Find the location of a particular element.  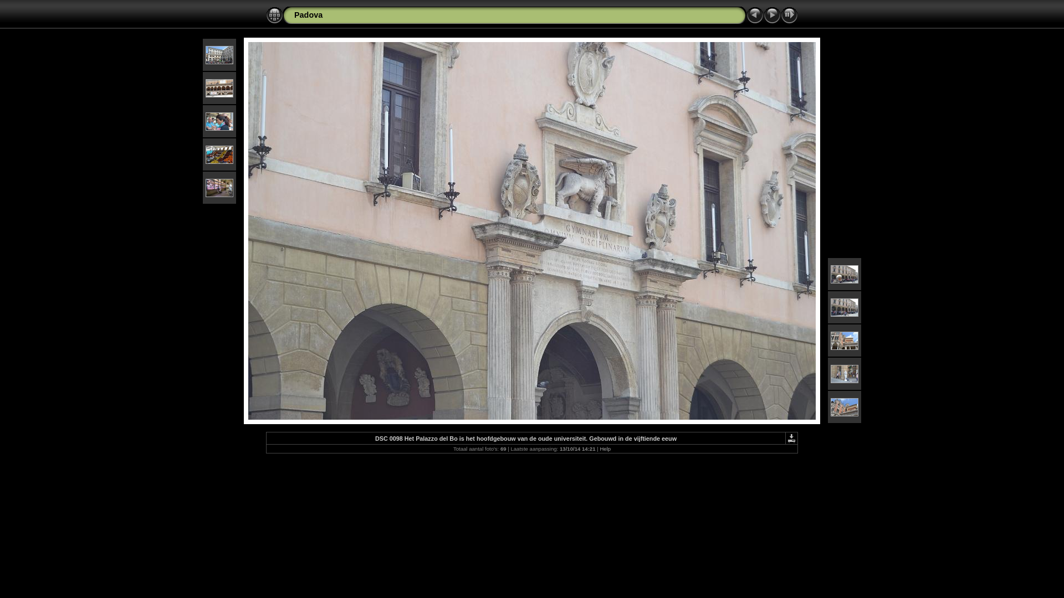

'Help' is located at coordinates (605, 448).